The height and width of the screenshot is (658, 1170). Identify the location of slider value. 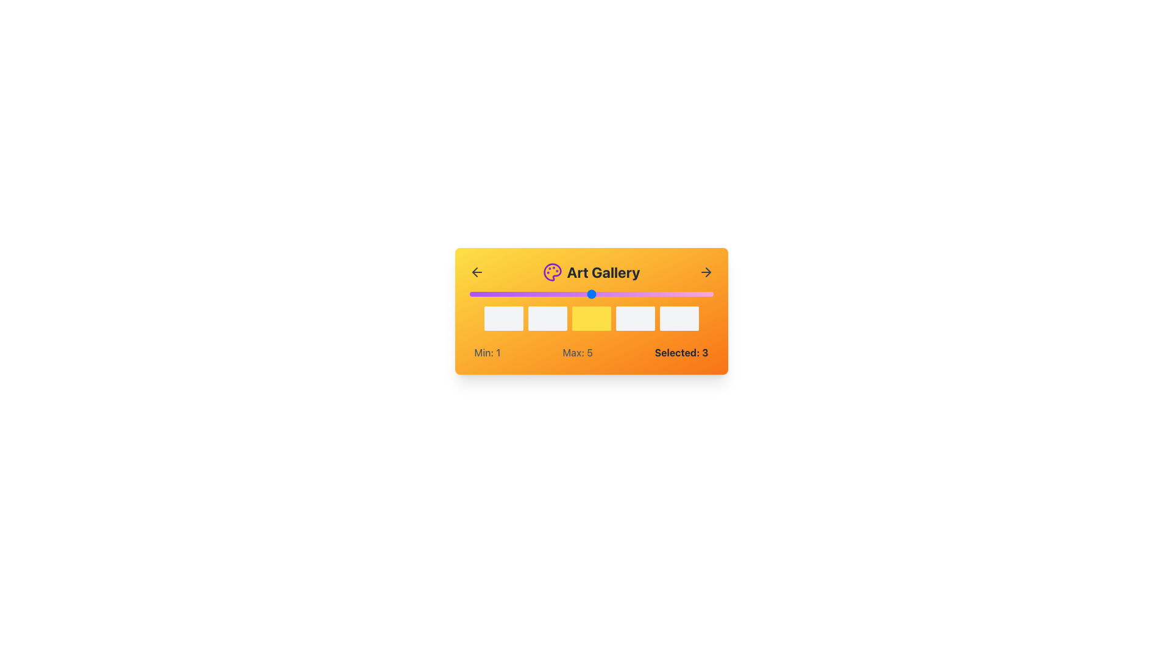
(651, 294).